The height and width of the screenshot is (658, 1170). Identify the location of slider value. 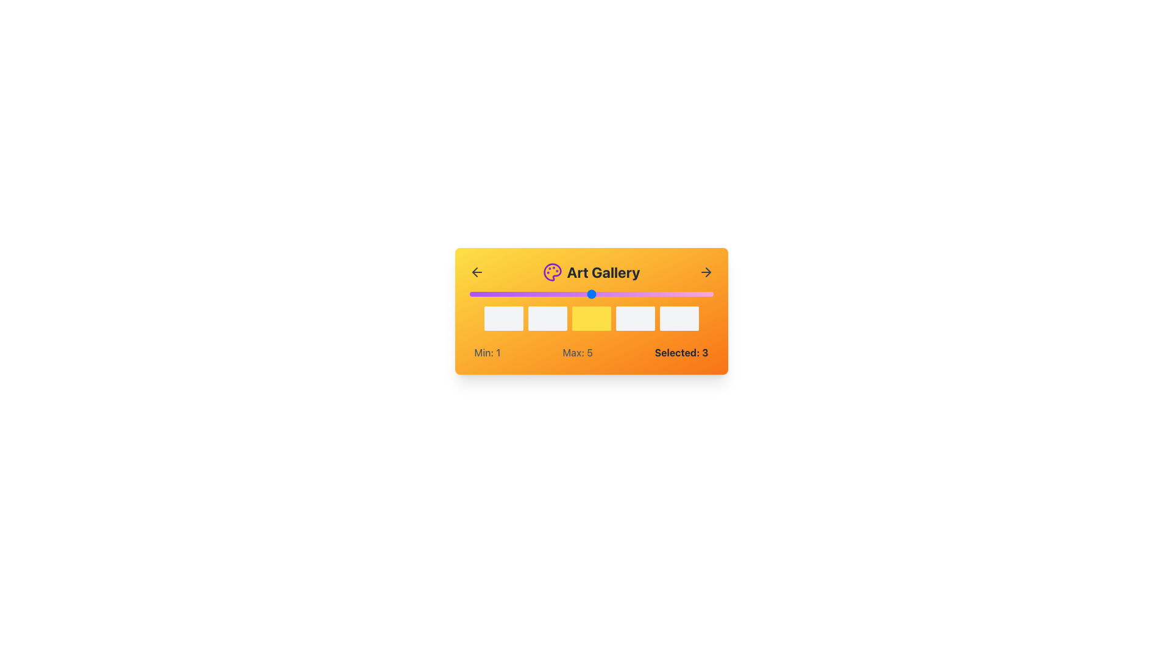
(651, 294).